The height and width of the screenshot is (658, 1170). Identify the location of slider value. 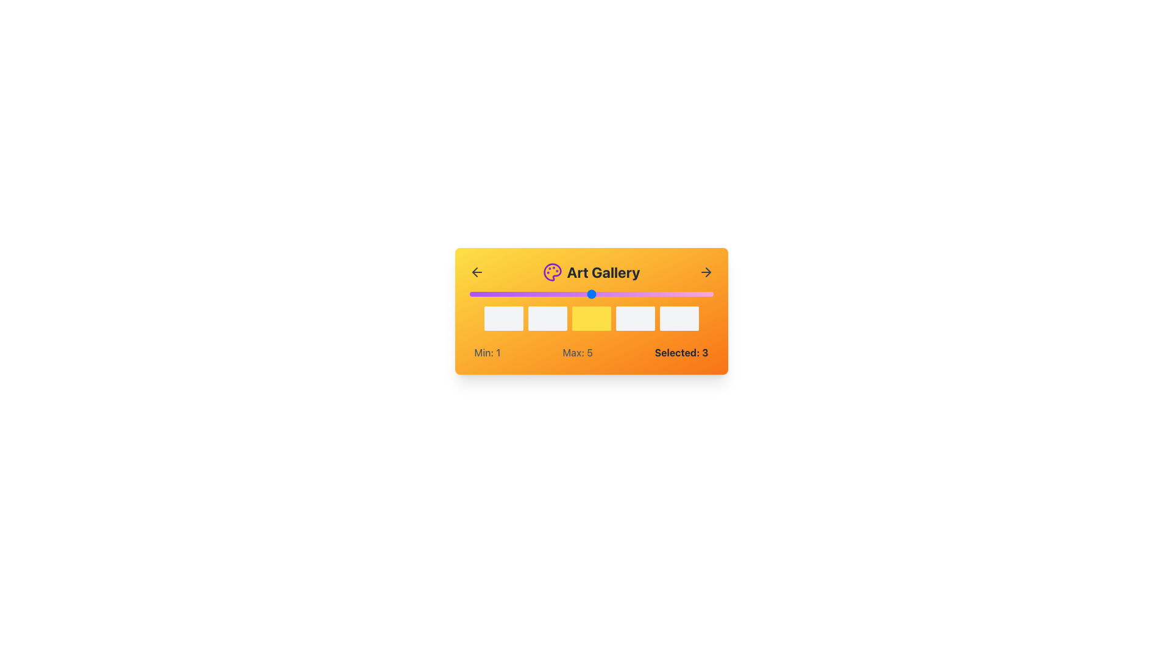
(651, 294).